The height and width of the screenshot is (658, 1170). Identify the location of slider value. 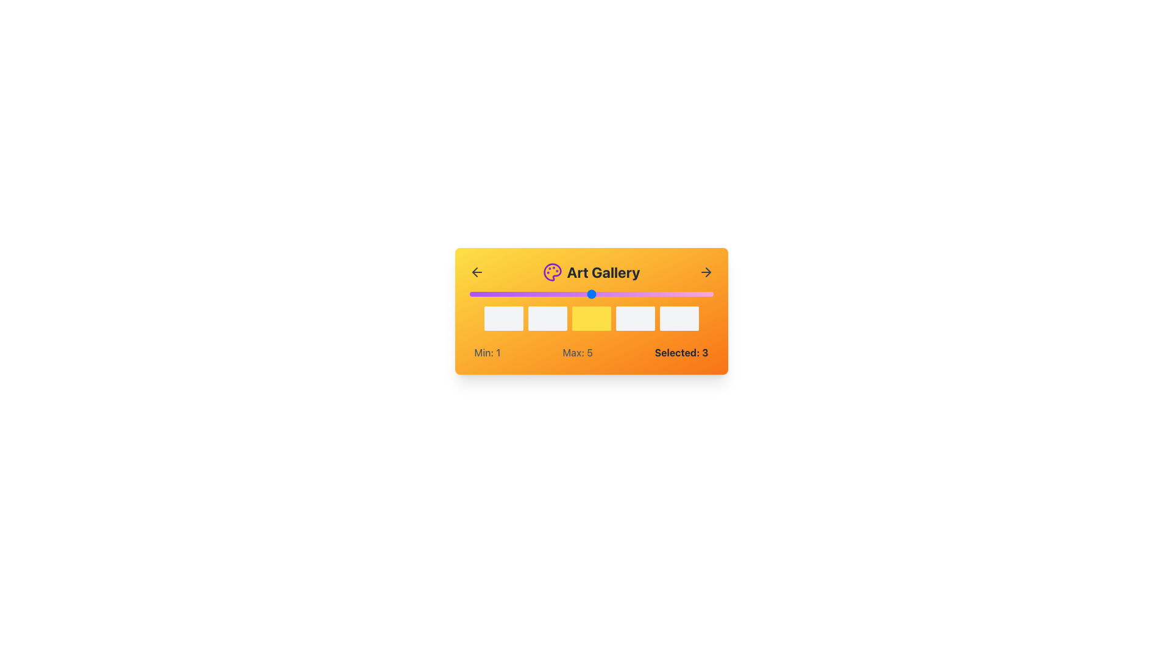
(651, 294).